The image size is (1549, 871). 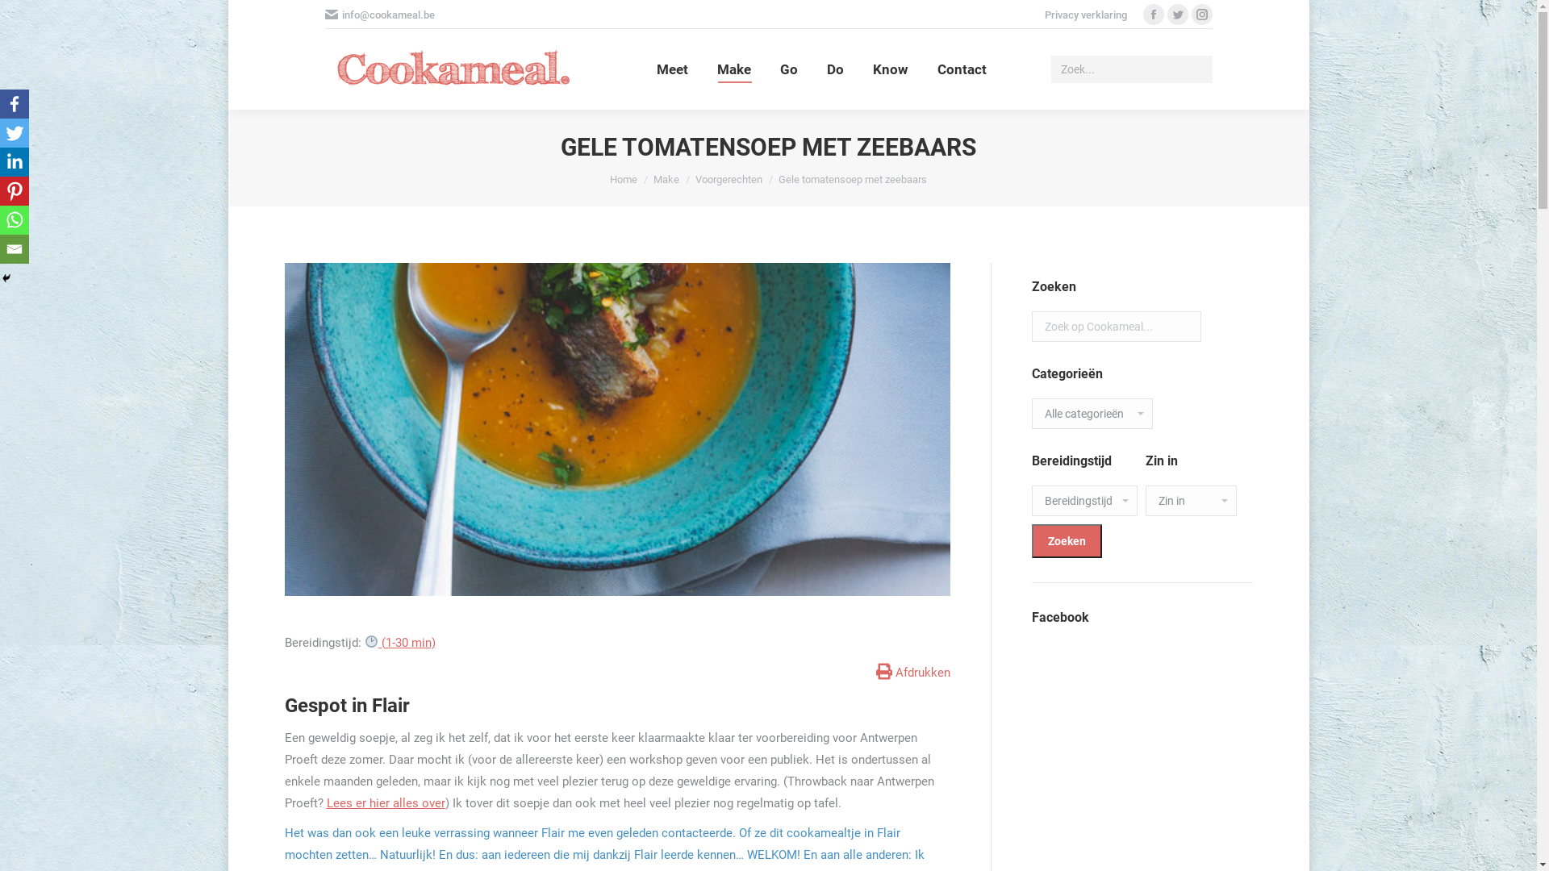 What do you see at coordinates (835, 68) in the screenshot?
I see `'Do'` at bounding box center [835, 68].